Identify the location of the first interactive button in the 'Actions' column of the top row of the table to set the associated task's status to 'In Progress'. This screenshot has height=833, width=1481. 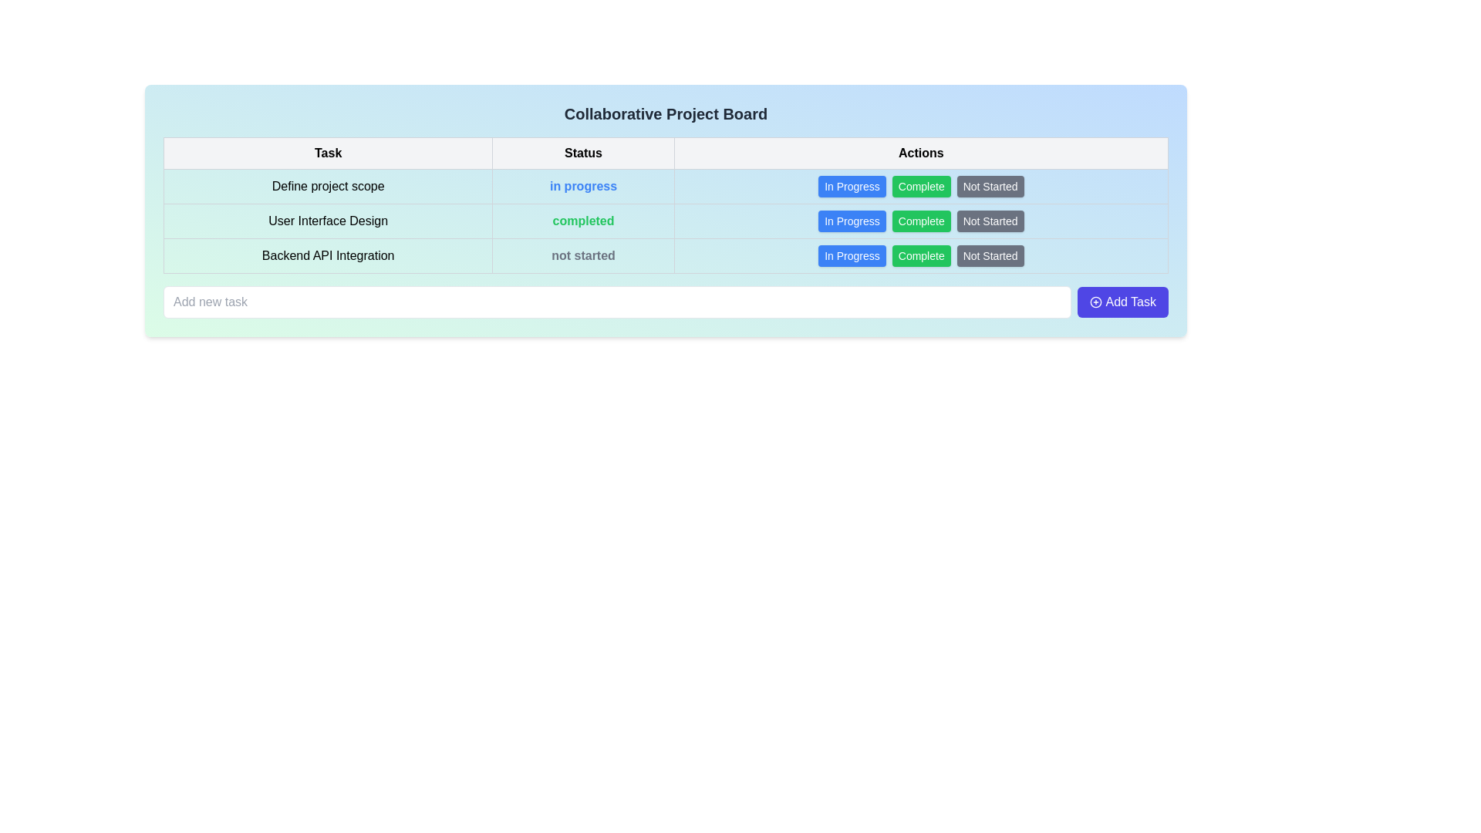
(851, 186).